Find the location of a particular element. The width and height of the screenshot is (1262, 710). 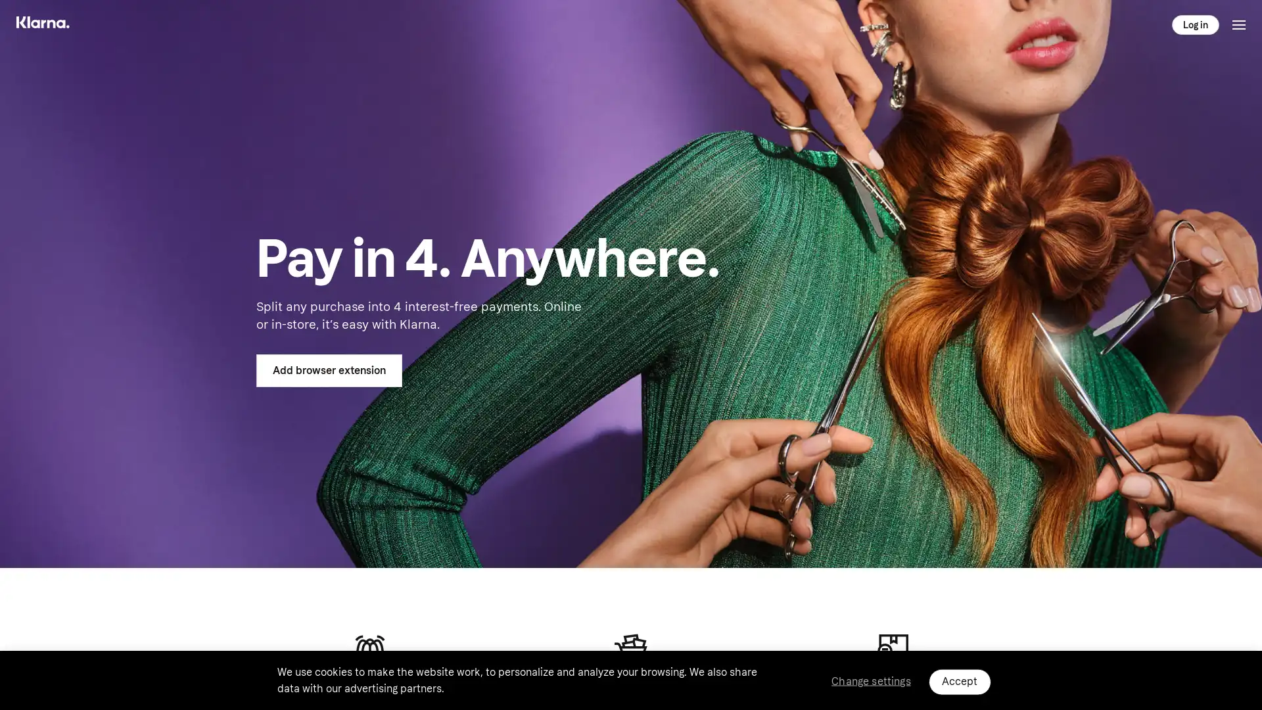

Toggle menu is located at coordinates (1238, 24).